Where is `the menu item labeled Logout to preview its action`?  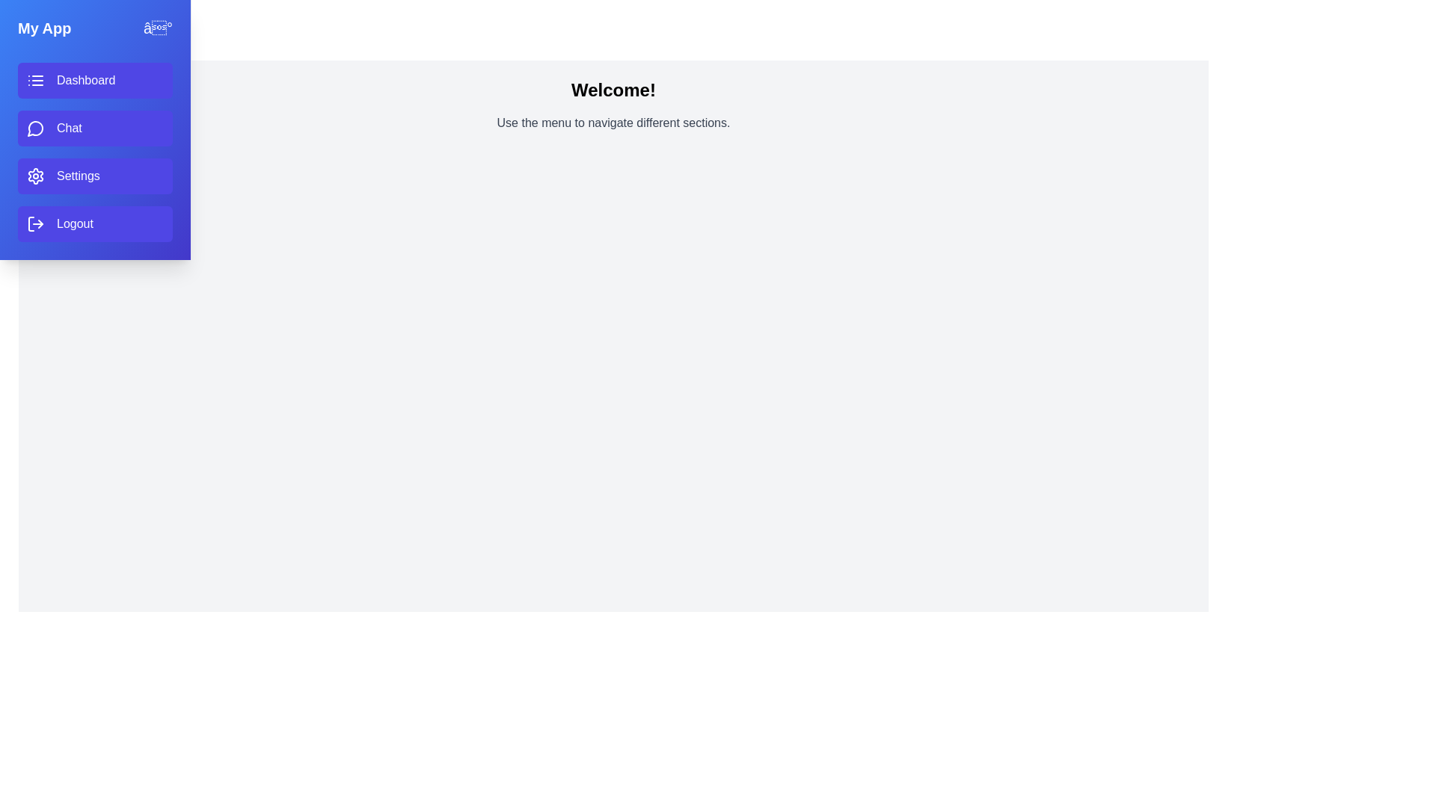 the menu item labeled Logout to preview its action is located at coordinates (94, 224).